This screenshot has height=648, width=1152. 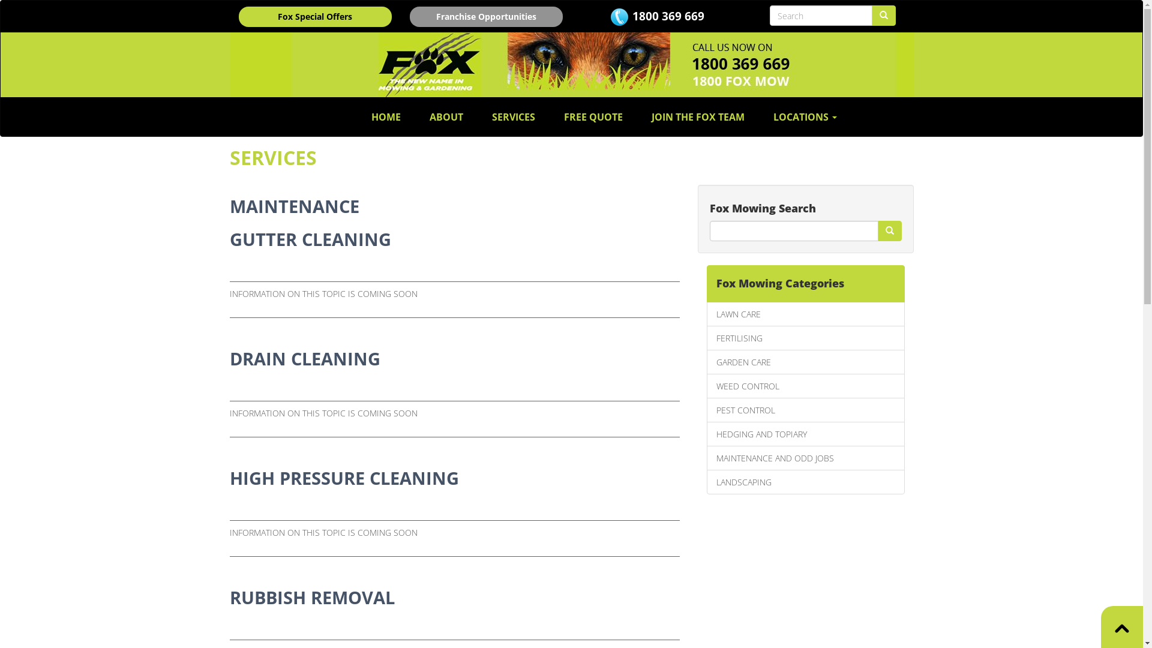 What do you see at coordinates (315, 16) in the screenshot?
I see `'Fox Special Offers'` at bounding box center [315, 16].